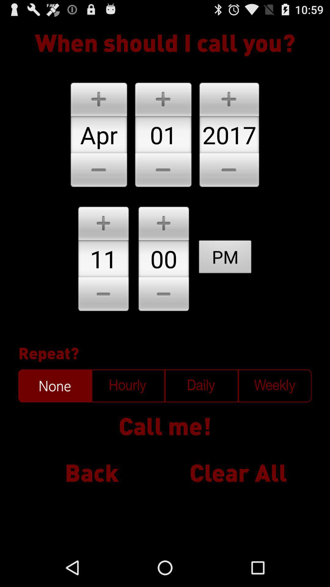  I want to click on do not repeat, so click(55, 386).